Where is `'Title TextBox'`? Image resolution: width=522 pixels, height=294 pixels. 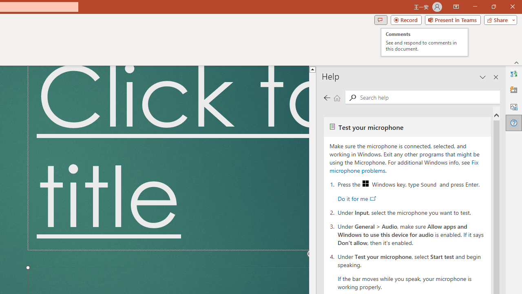
'Title TextBox' is located at coordinates (168, 158).